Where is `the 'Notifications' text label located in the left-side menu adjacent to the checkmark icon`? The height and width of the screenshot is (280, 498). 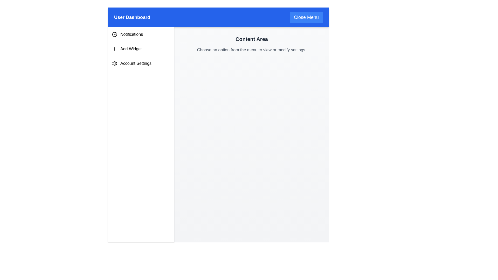
the 'Notifications' text label located in the left-side menu adjacent to the checkmark icon is located at coordinates (132, 34).